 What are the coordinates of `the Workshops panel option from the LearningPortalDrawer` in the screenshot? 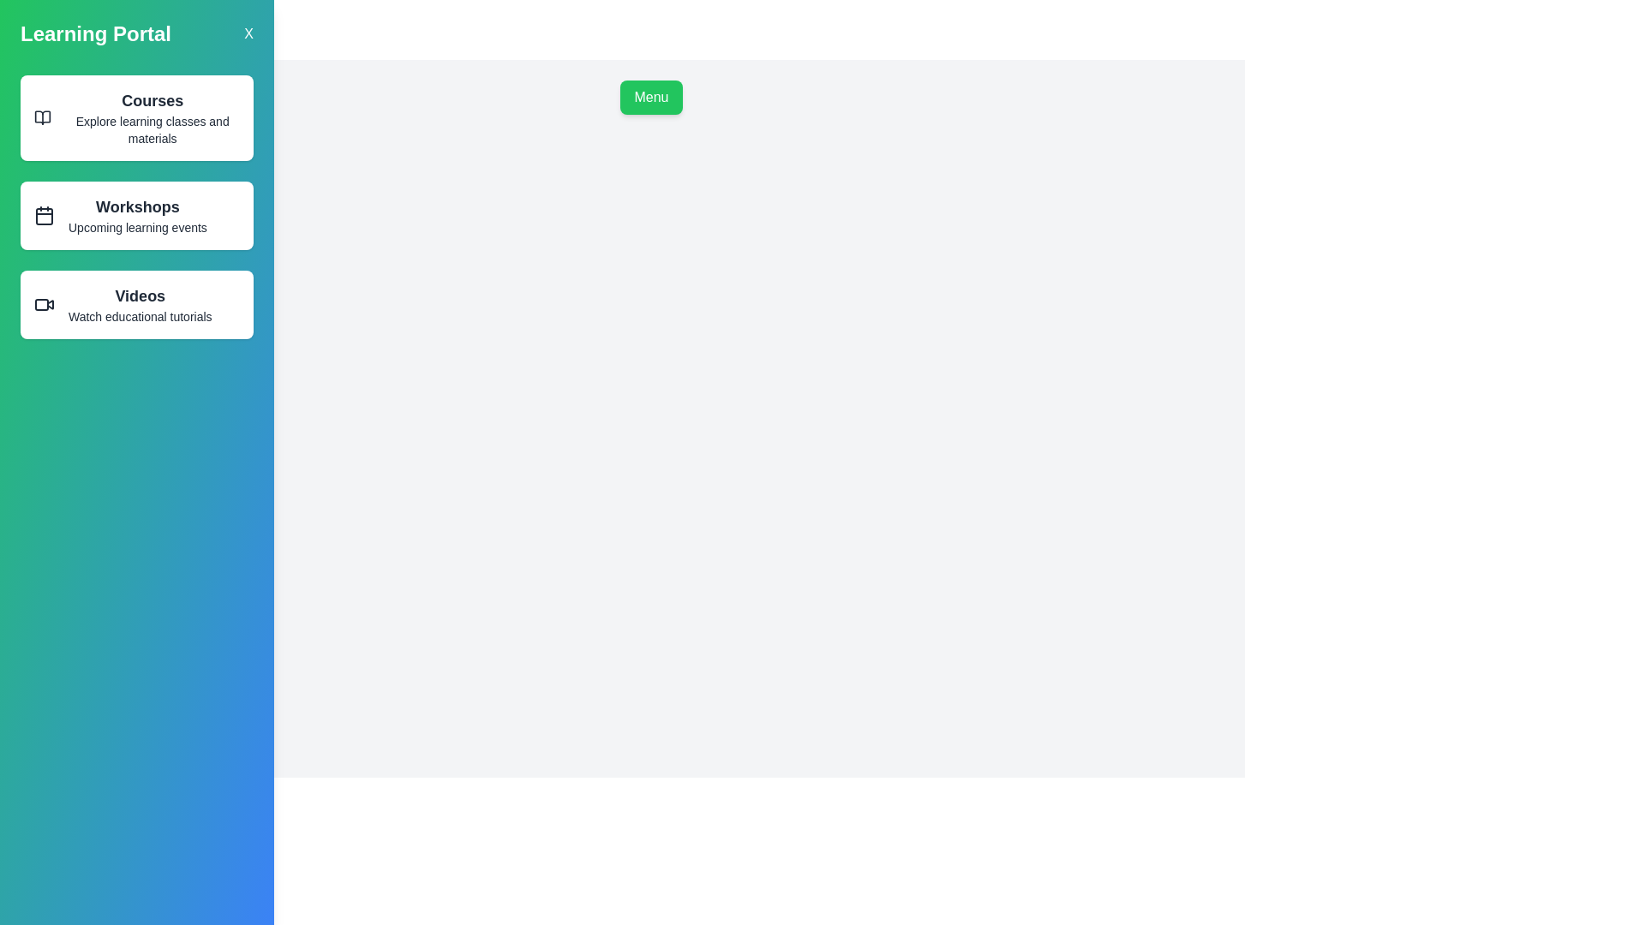 It's located at (135, 214).